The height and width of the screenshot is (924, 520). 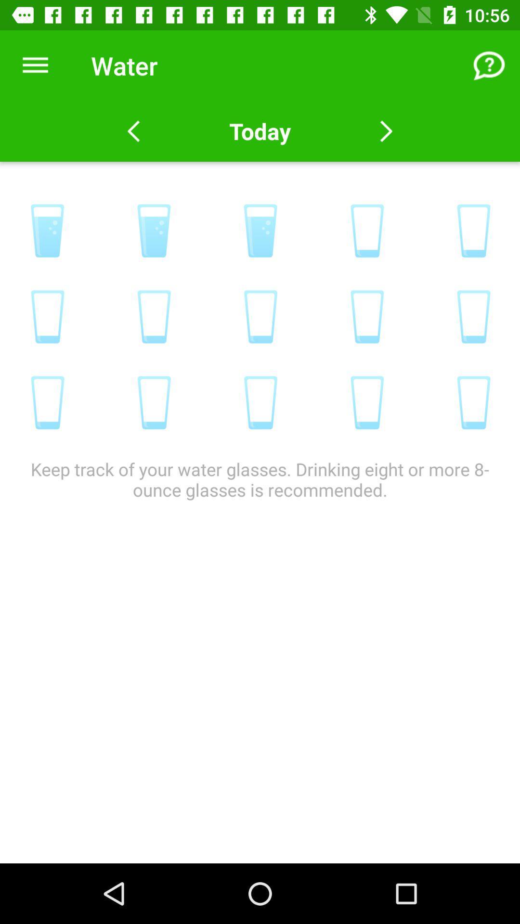 What do you see at coordinates (133, 131) in the screenshot?
I see `the arrow_backward icon` at bounding box center [133, 131].